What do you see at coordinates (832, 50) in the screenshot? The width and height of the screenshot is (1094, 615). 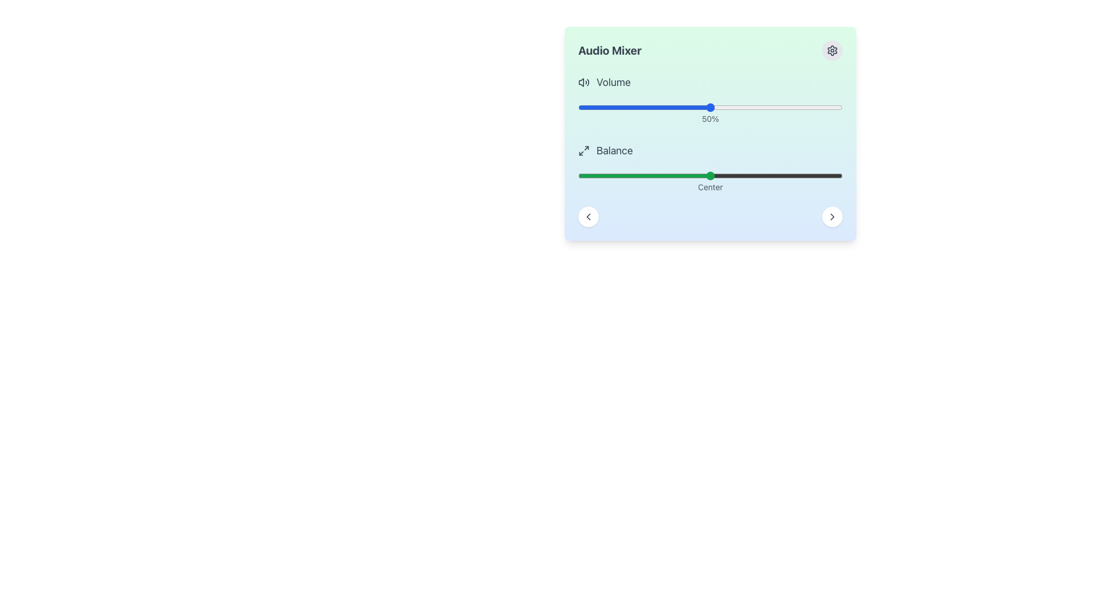 I see `the circular button with a gear icon located at the top-right corner of the 'Audio Mixer' section for additional options` at bounding box center [832, 50].